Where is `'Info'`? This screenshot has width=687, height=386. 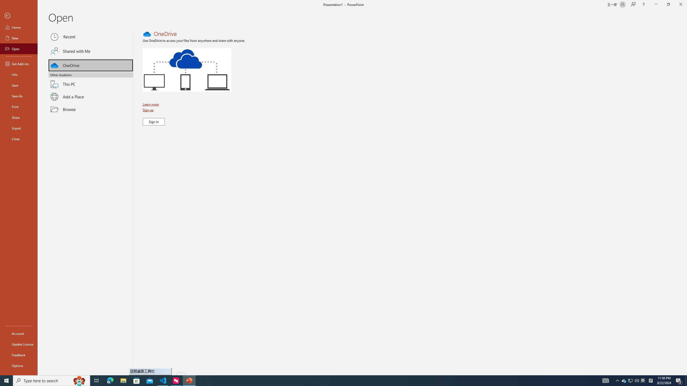
'Info' is located at coordinates (19, 74).